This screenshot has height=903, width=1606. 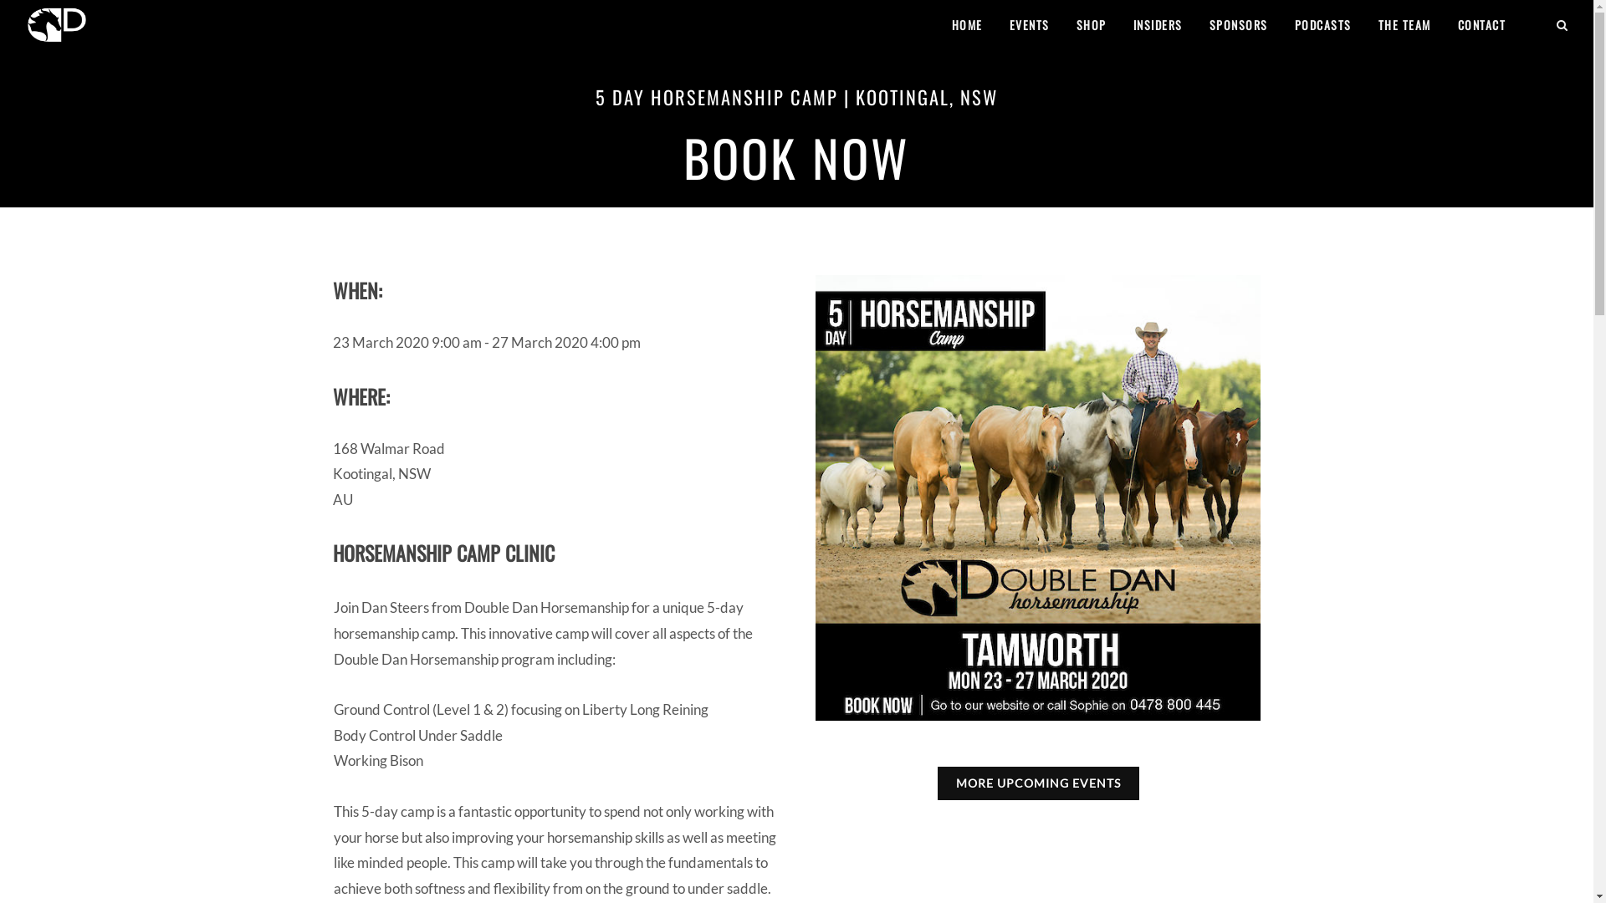 I want to click on 'EVENTS', so click(x=996, y=25).